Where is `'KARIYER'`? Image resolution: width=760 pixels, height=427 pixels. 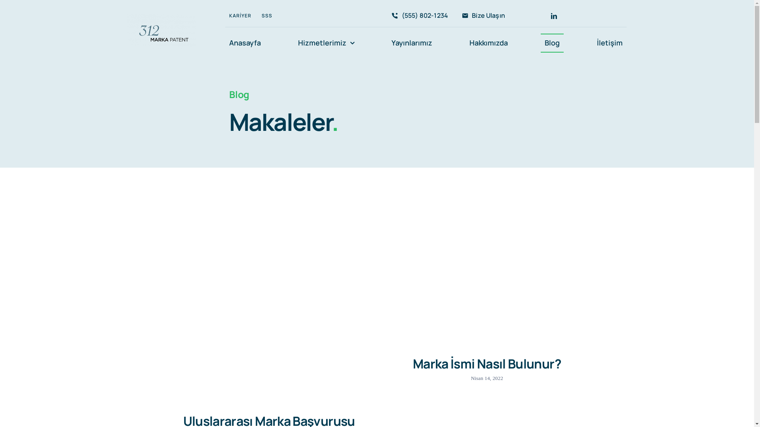
'KARIYER' is located at coordinates (239, 15).